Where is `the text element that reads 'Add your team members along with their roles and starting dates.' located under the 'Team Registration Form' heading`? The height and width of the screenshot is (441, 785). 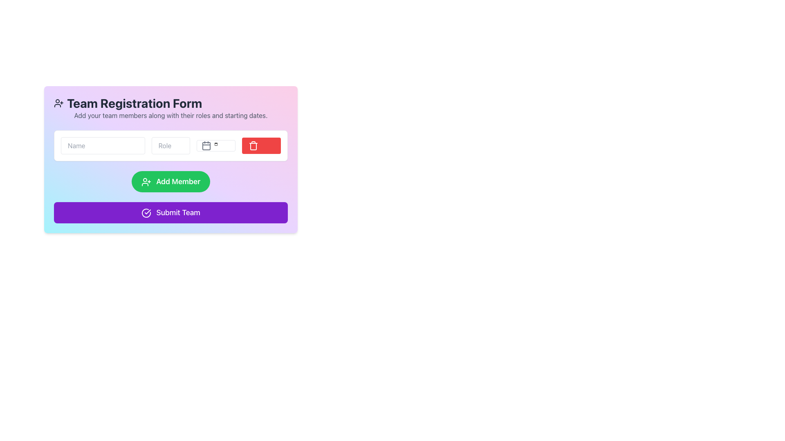 the text element that reads 'Add your team members along with their roles and starting dates.' located under the 'Team Registration Form' heading is located at coordinates (170, 115).